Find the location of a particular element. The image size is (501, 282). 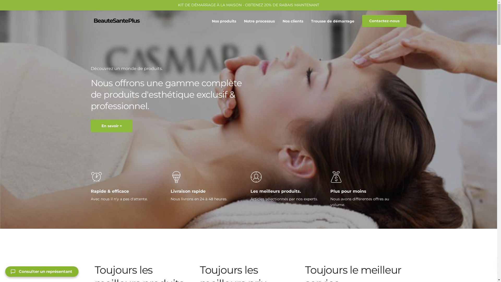

'Notre processus' is located at coordinates (240, 21).